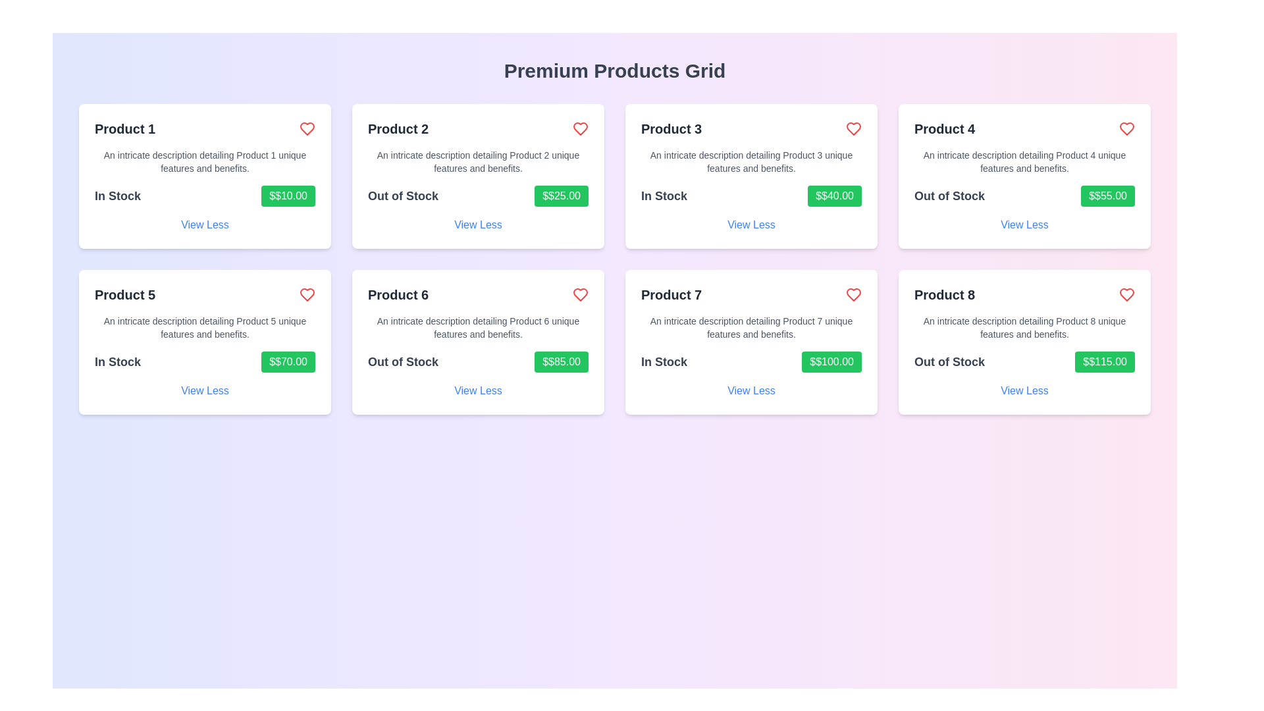 The image size is (1264, 711). What do you see at coordinates (117, 362) in the screenshot?
I see `the availability status Text label within the details section of the 'Product 5' card, which is positioned before the green button displaying the cost` at bounding box center [117, 362].